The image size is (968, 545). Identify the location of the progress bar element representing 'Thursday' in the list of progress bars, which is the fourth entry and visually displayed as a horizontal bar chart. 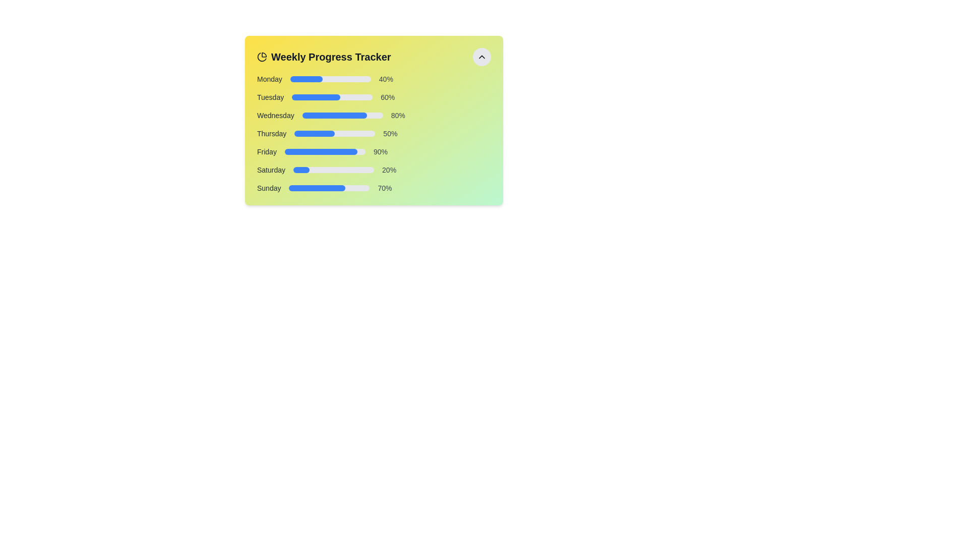
(374, 133).